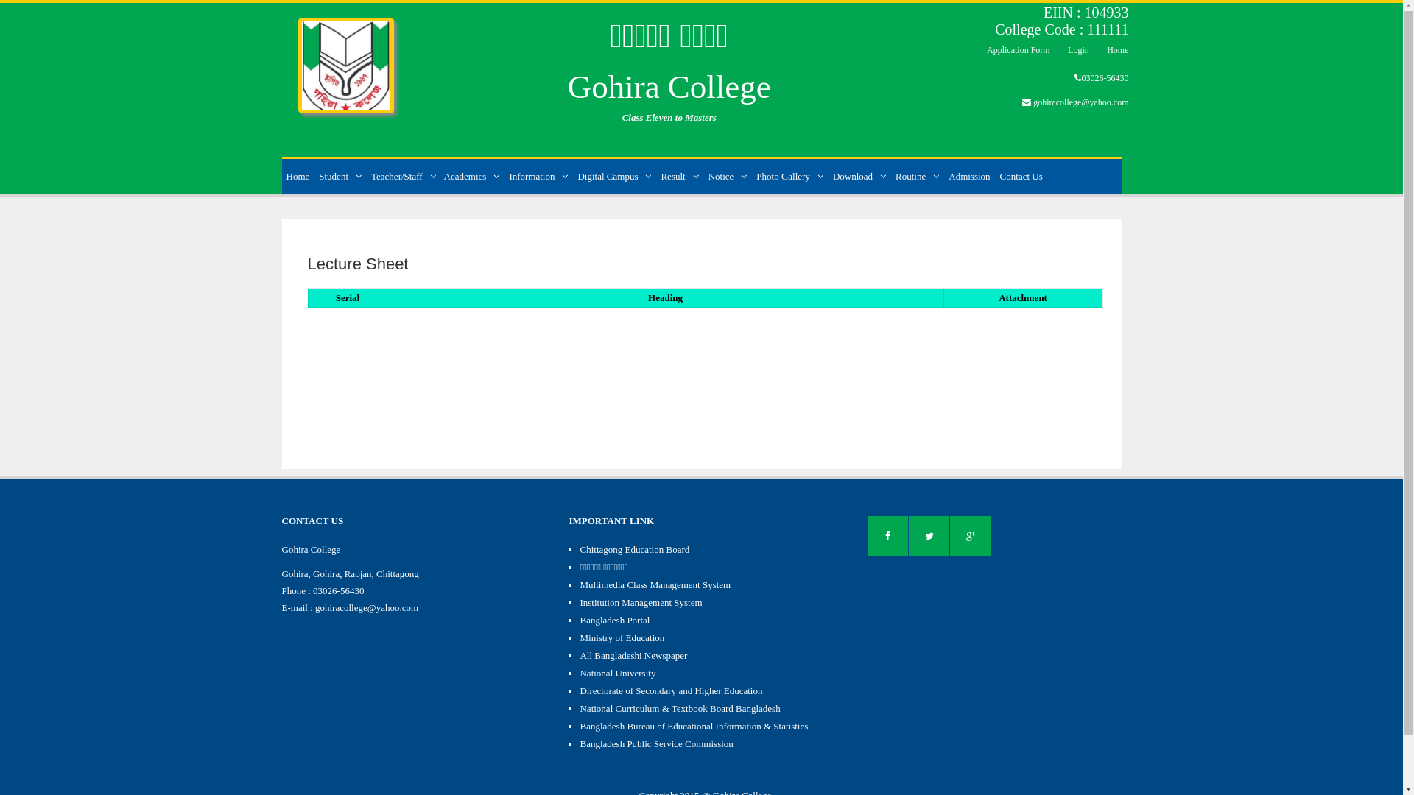  What do you see at coordinates (789, 175) in the screenshot?
I see `'Photo Gallery'` at bounding box center [789, 175].